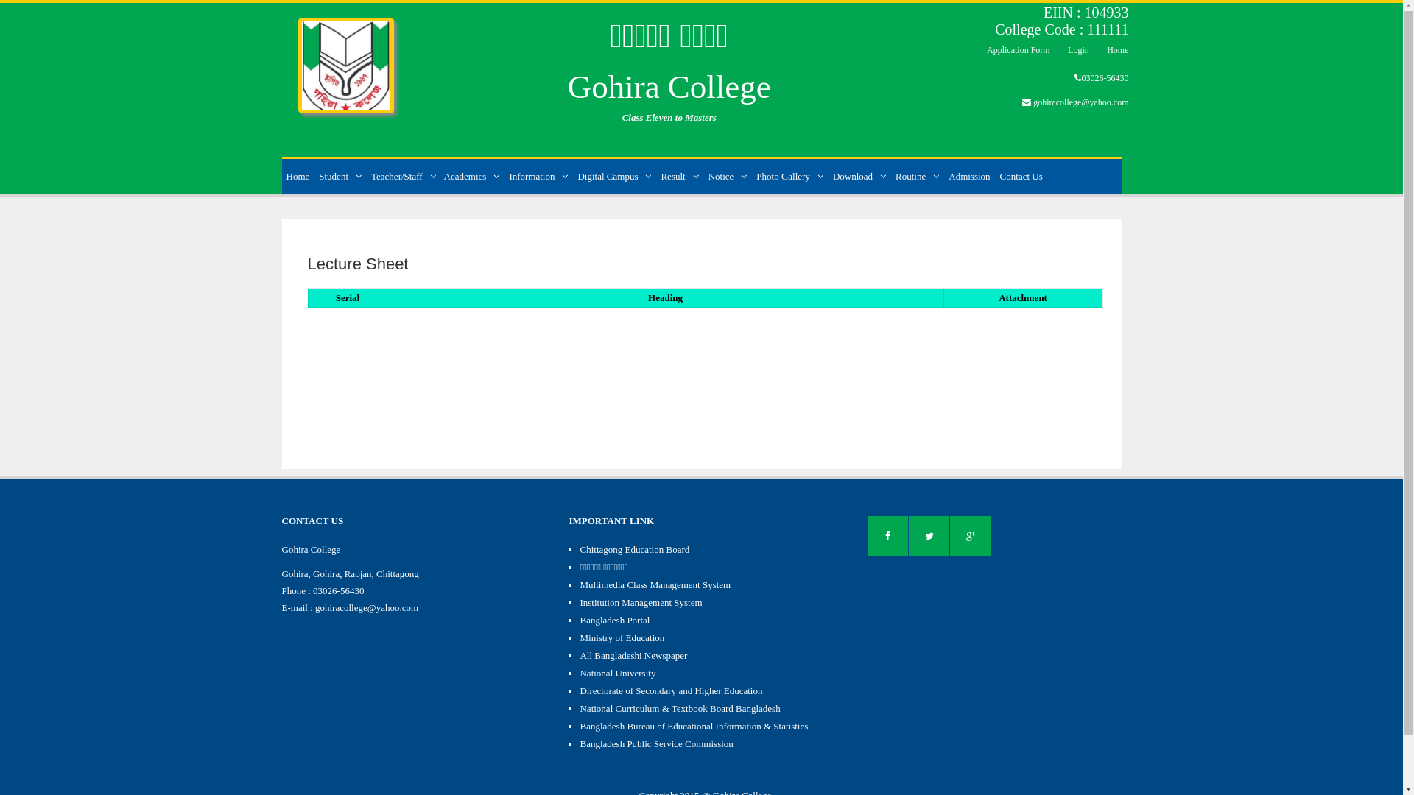  What do you see at coordinates (789, 175) in the screenshot?
I see `'Photo Gallery'` at bounding box center [789, 175].